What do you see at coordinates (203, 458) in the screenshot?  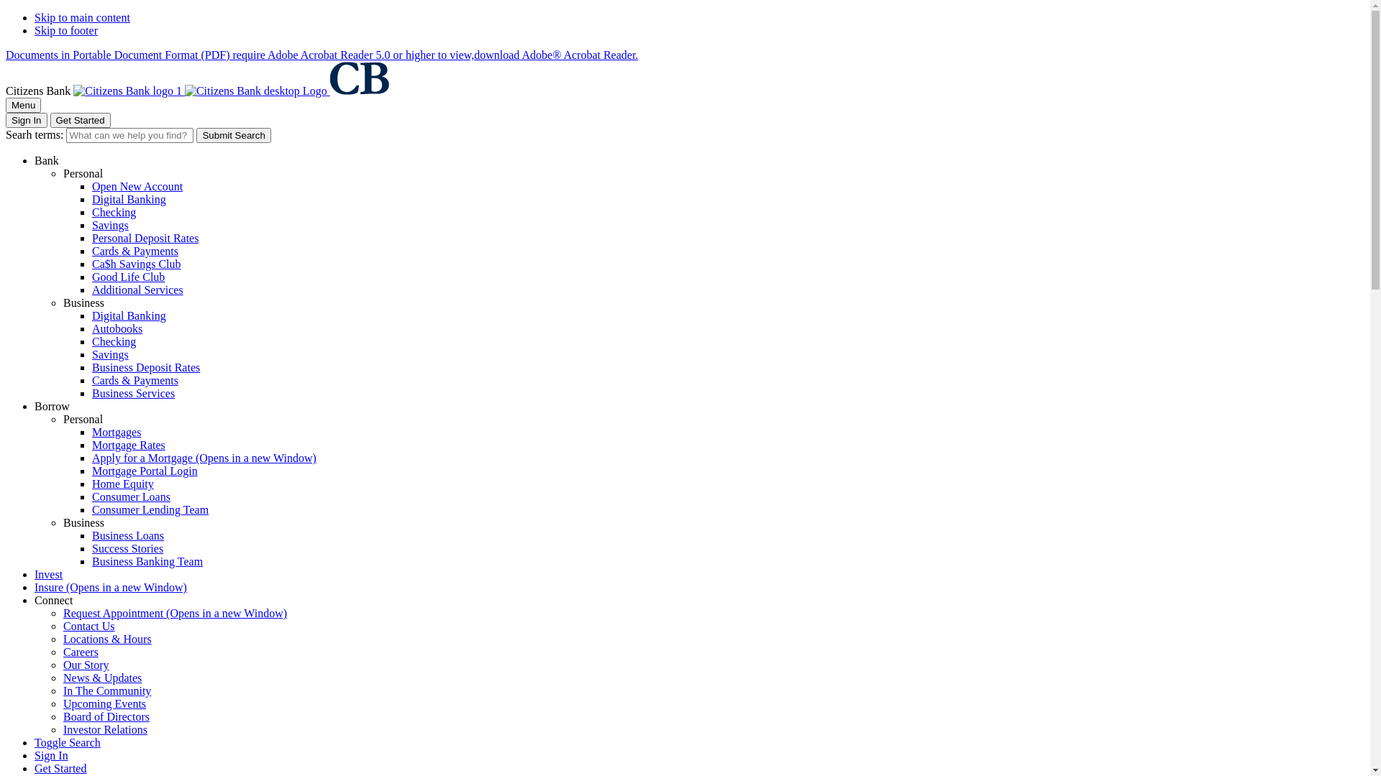 I see `'Apply for a Mortgage (Opens in a new Window)'` at bounding box center [203, 458].